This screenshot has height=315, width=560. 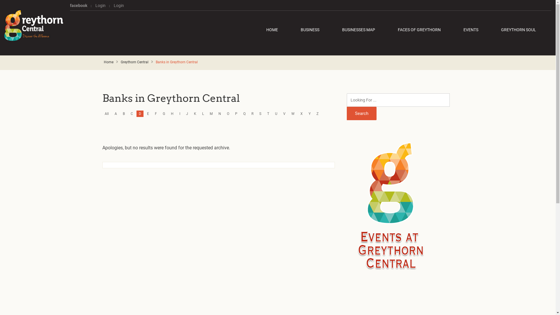 I want to click on 'N', so click(x=219, y=113).